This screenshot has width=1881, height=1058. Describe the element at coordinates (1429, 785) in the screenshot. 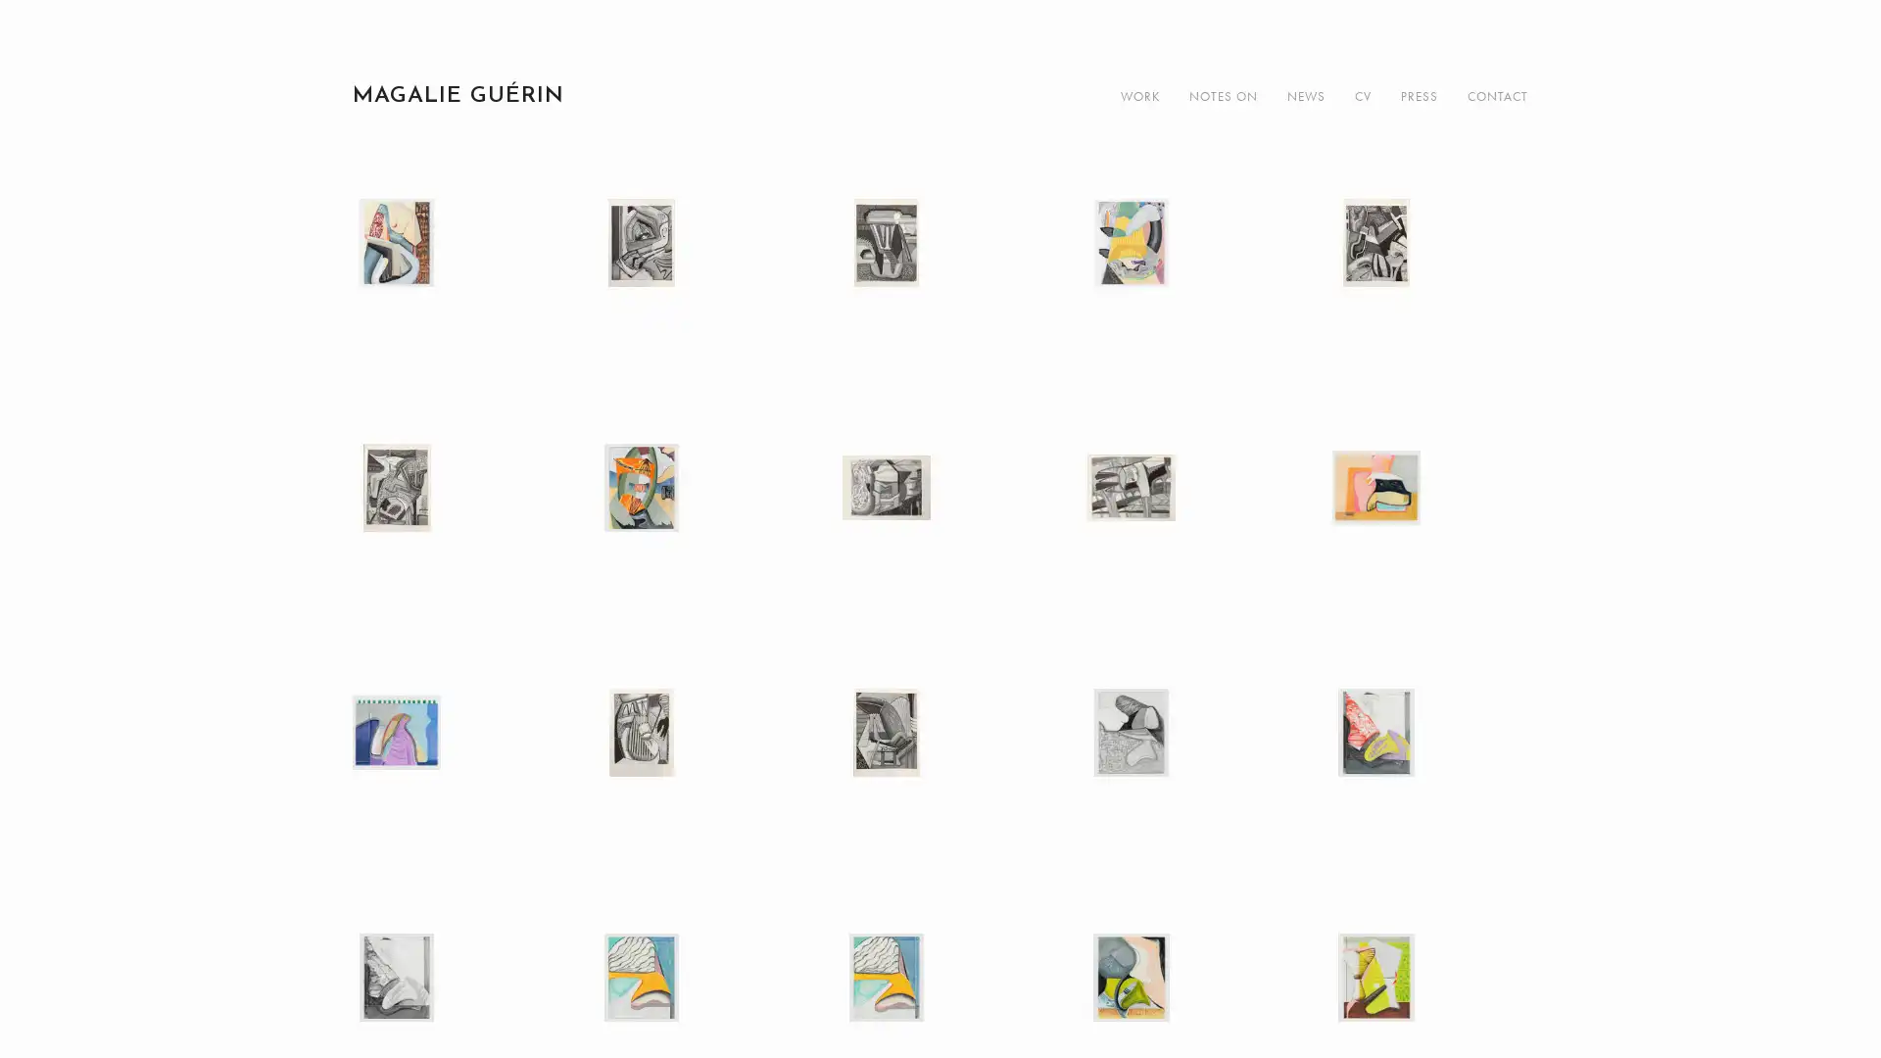

I see `View fullsize Copy Drawing (hat-ham), 2016` at that location.